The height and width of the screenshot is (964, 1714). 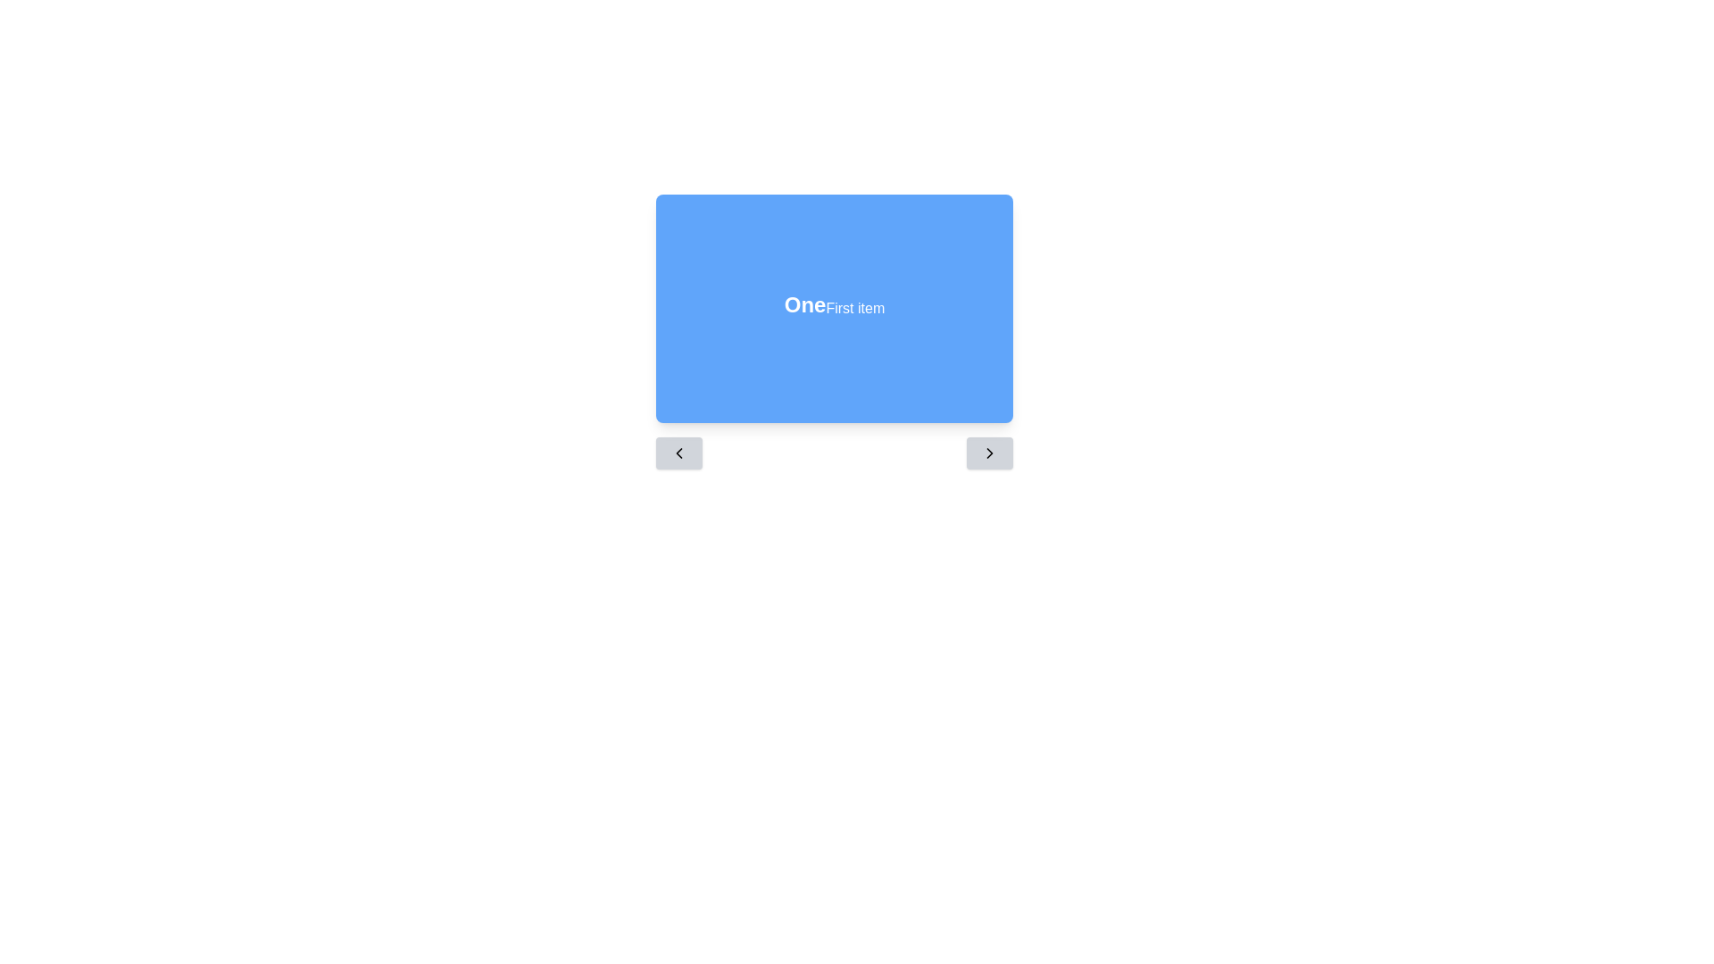 What do you see at coordinates (854, 308) in the screenshot?
I see `the text label displaying 'First item' in white font against a blue background` at bounding box center [854, 308].